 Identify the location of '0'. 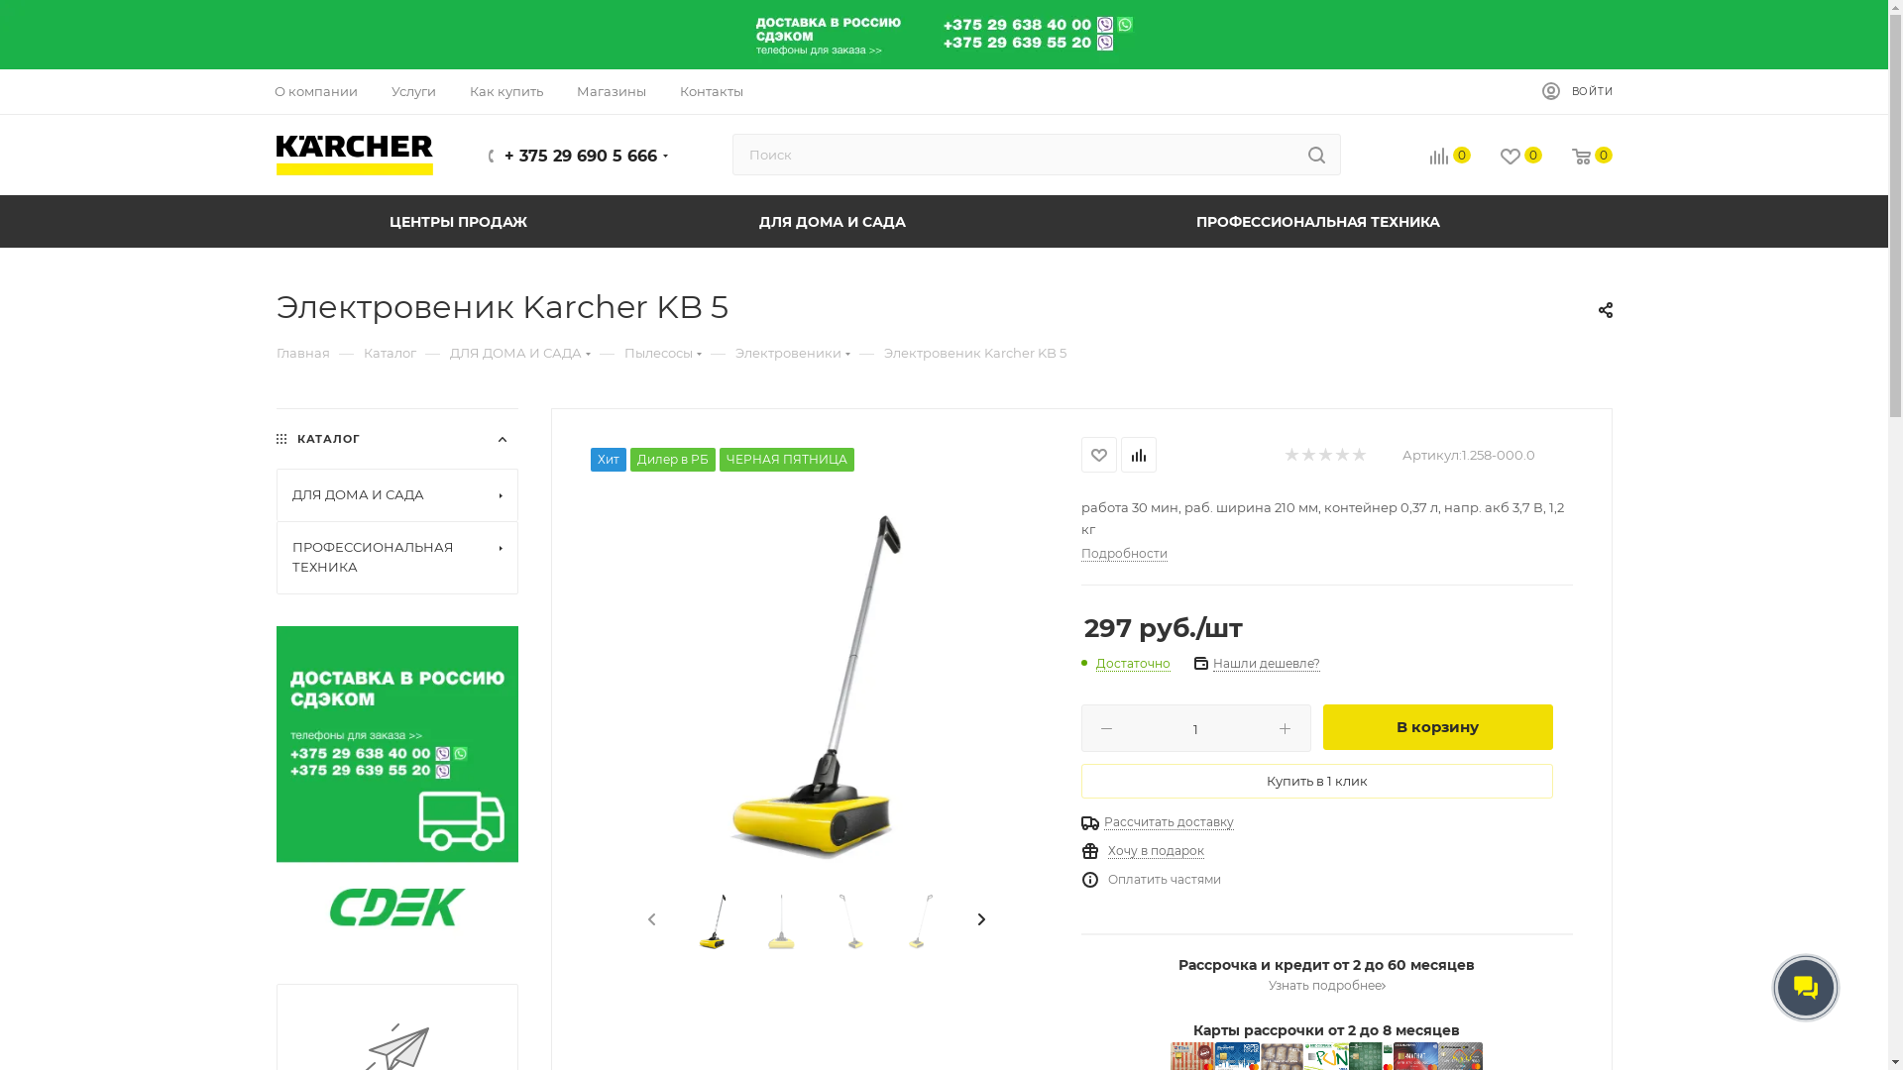
(1507, 156).